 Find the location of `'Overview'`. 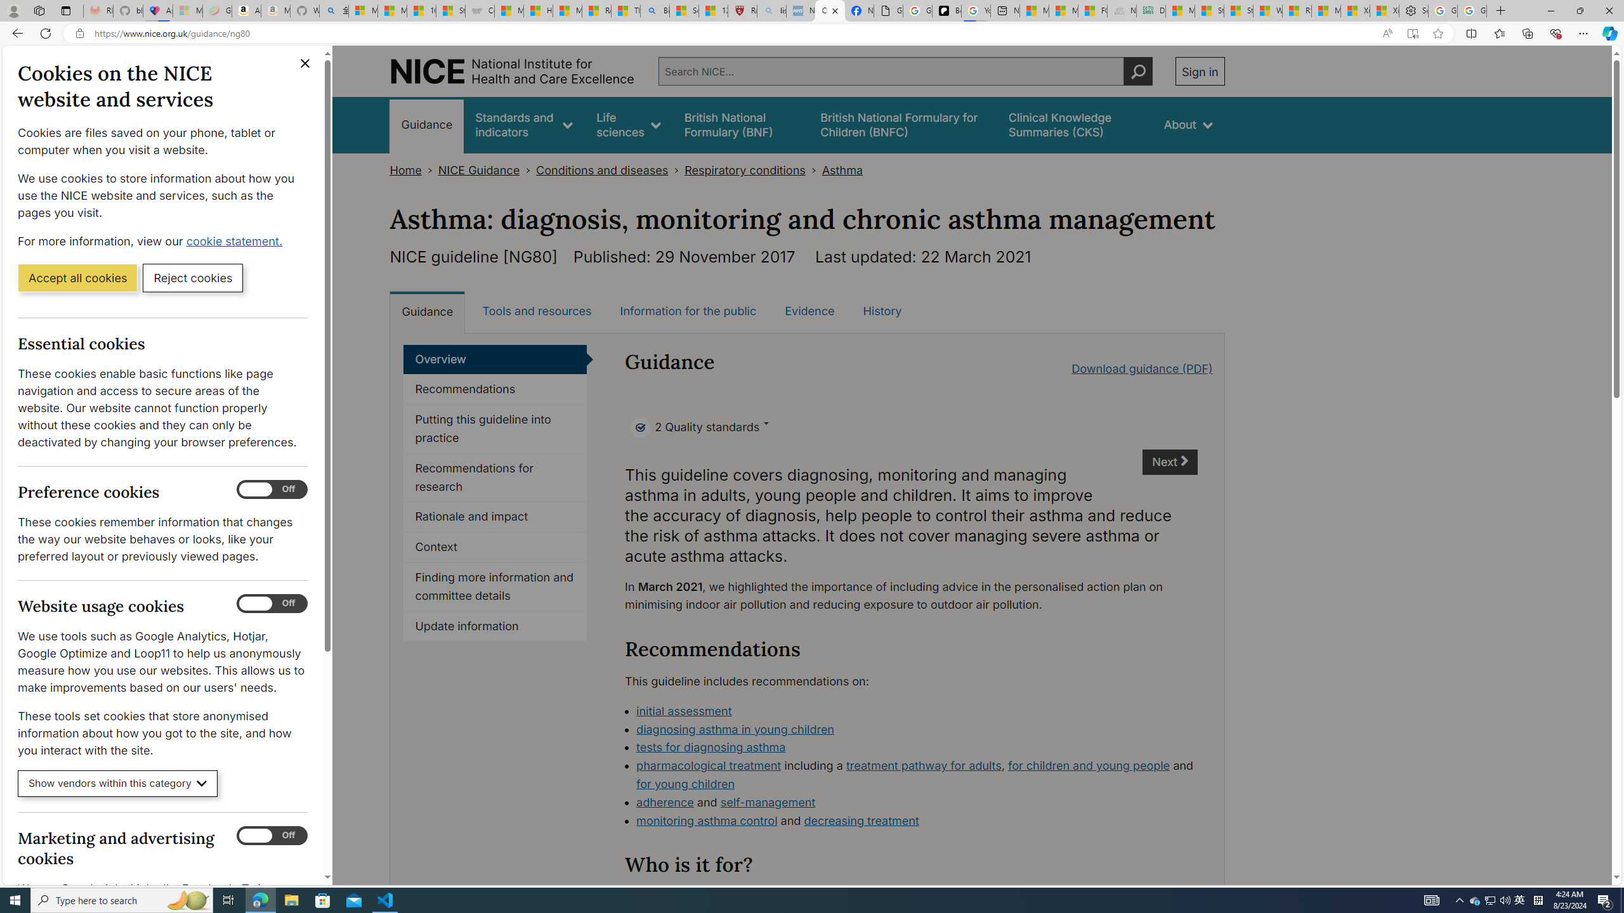

'Overview' is located at coordinates (494, 359).